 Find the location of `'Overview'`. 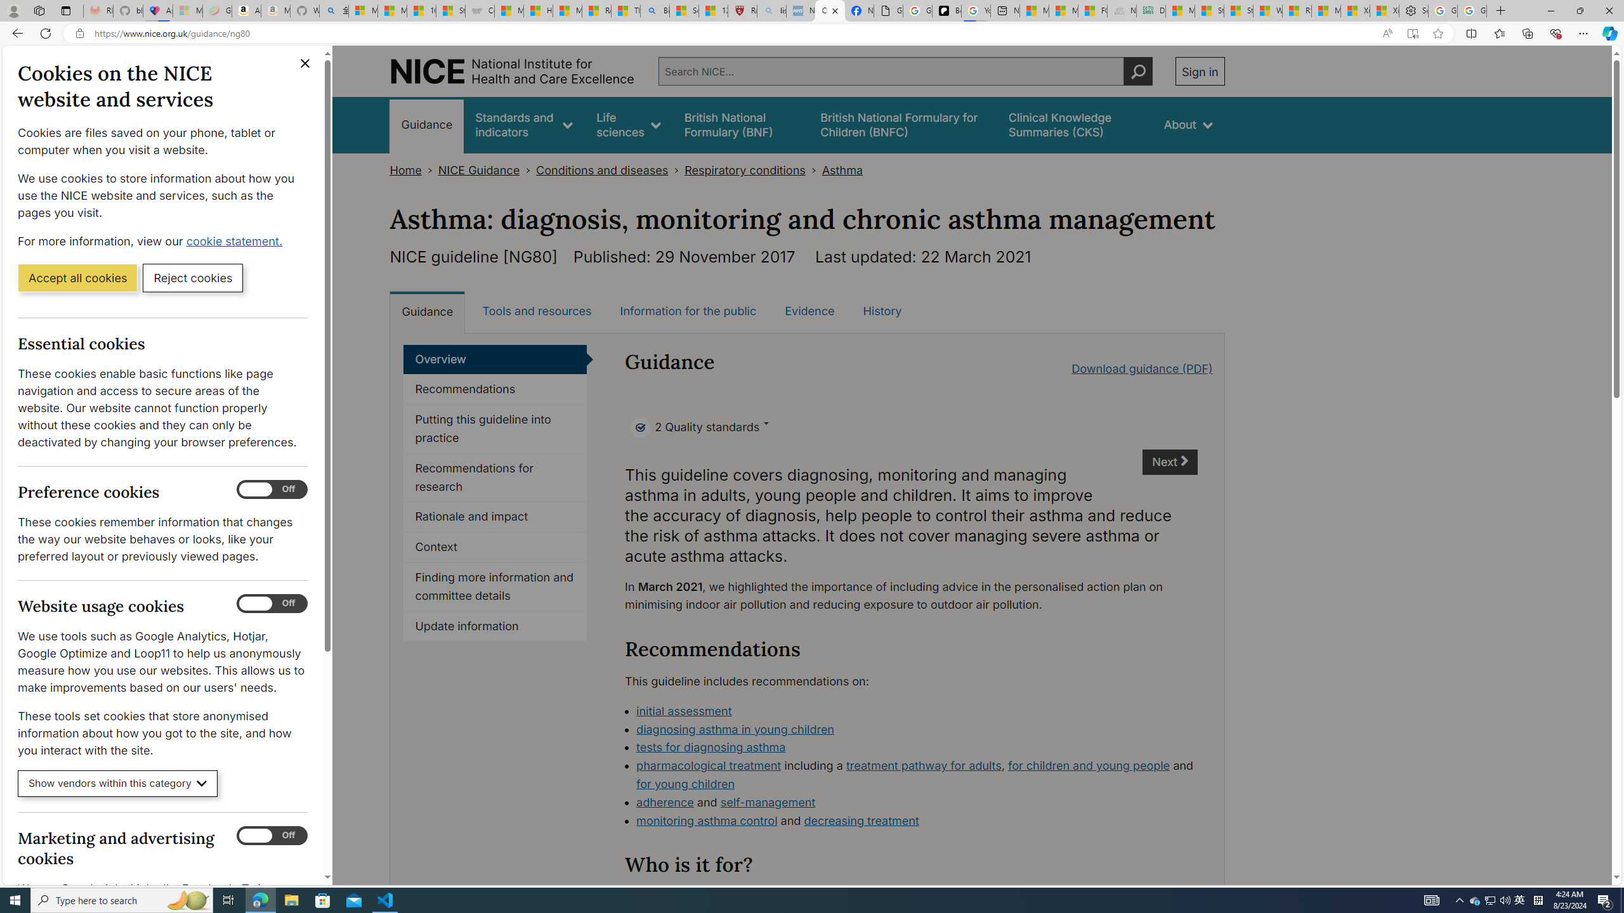

'Overview' is located at coordinates (494, 359).